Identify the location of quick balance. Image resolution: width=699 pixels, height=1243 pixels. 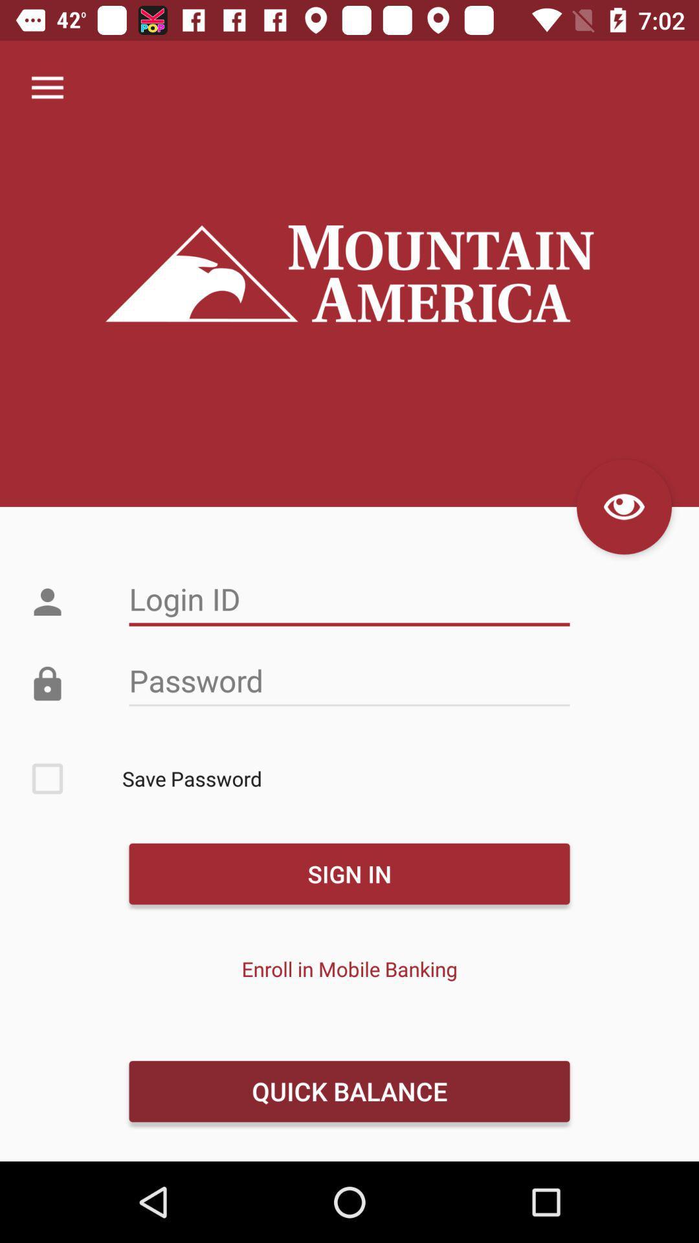
(349, 1090).